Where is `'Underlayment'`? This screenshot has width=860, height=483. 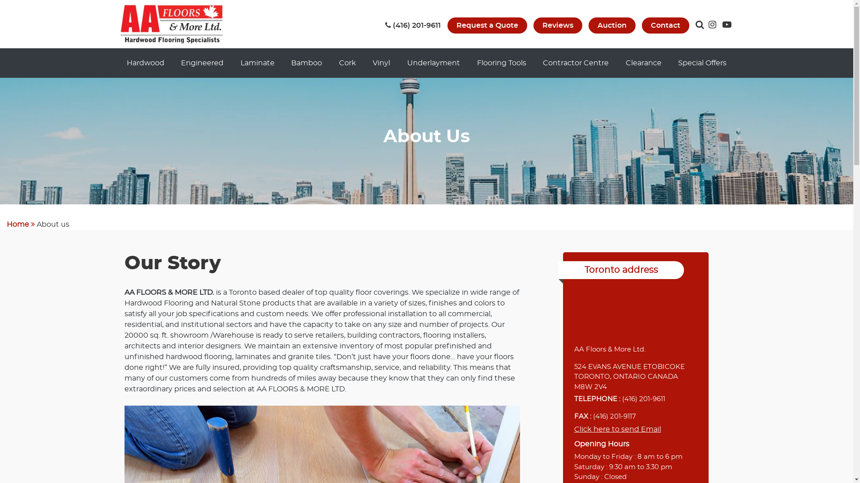 'Underlayment' is located at coordinates (434, 63).